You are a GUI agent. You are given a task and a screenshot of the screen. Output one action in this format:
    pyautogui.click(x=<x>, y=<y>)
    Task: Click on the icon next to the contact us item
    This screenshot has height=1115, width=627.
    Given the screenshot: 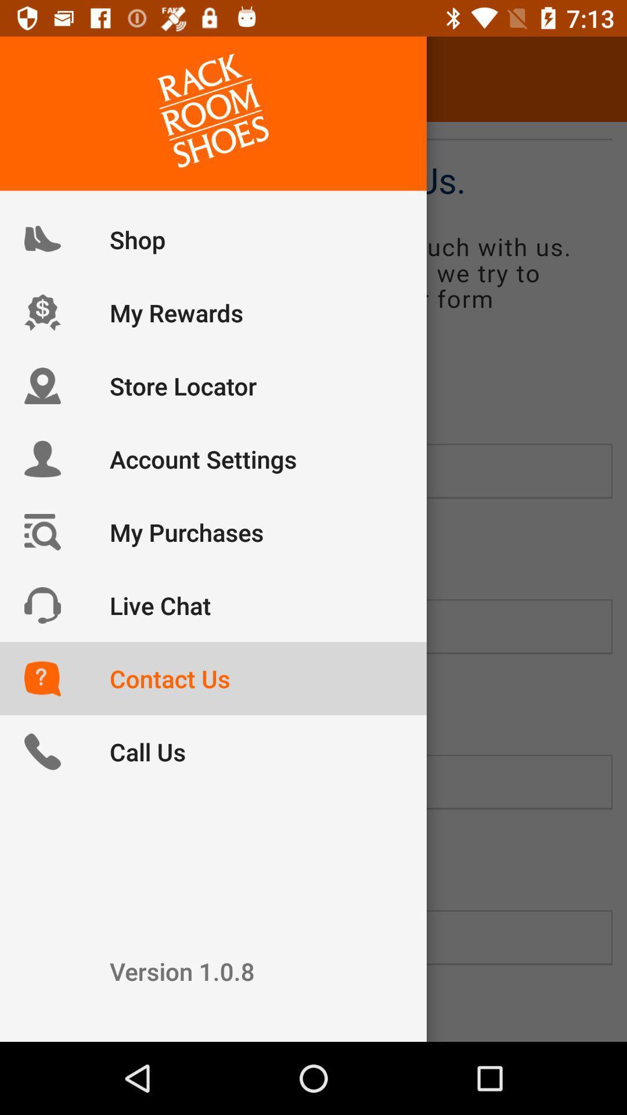 What is the action you would take?
    pyautogui.click(x=42, y=78)
    